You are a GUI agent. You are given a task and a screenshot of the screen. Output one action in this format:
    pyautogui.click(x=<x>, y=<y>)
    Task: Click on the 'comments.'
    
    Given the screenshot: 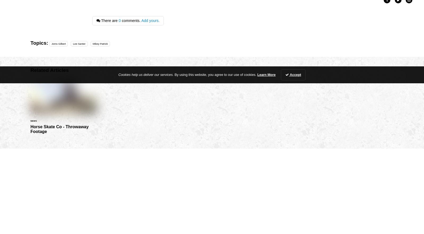 What is the action you would take?
    pyautogui.click(x=130, y=20)
    